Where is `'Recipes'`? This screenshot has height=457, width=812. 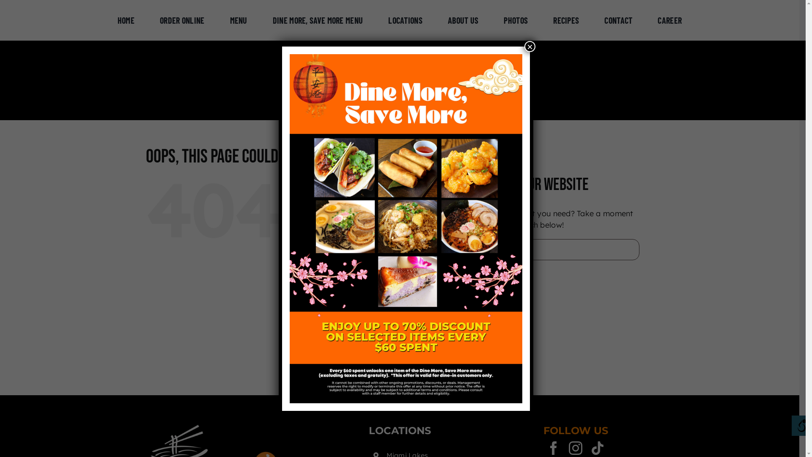
'Recipes' is located at coordinates (368, 329).